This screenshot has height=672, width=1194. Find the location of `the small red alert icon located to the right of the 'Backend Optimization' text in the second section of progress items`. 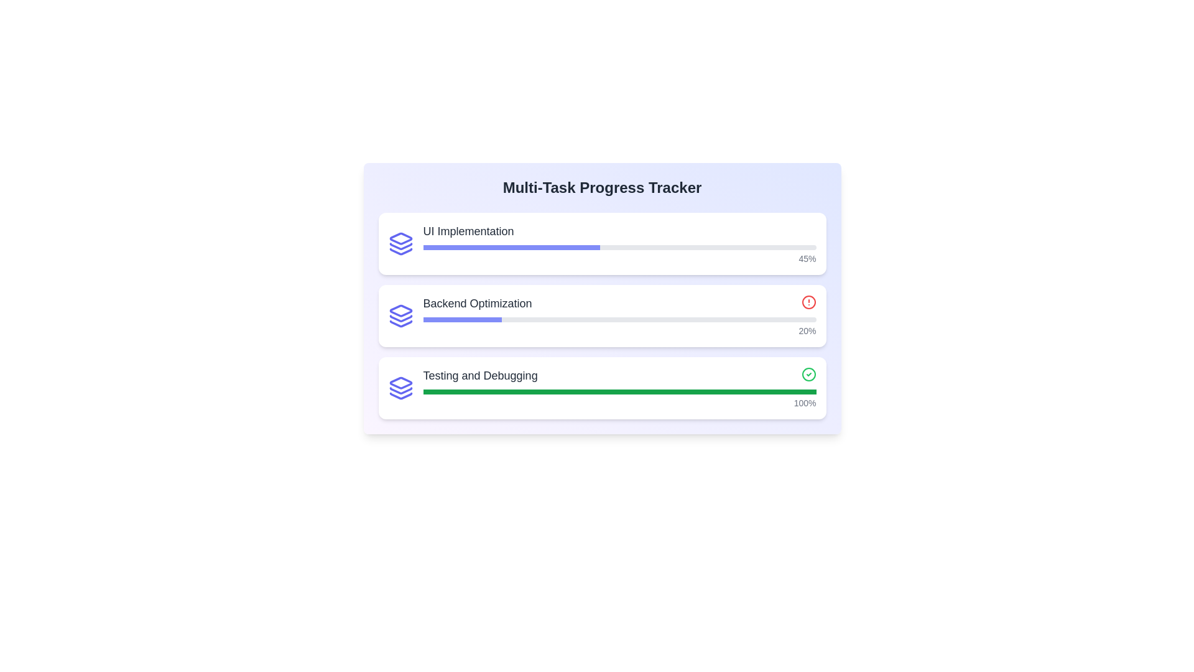

the small red alert icon located to the right of the 'Backend Optimization' text in the second section of progress items is located at coordinates (808, 304).